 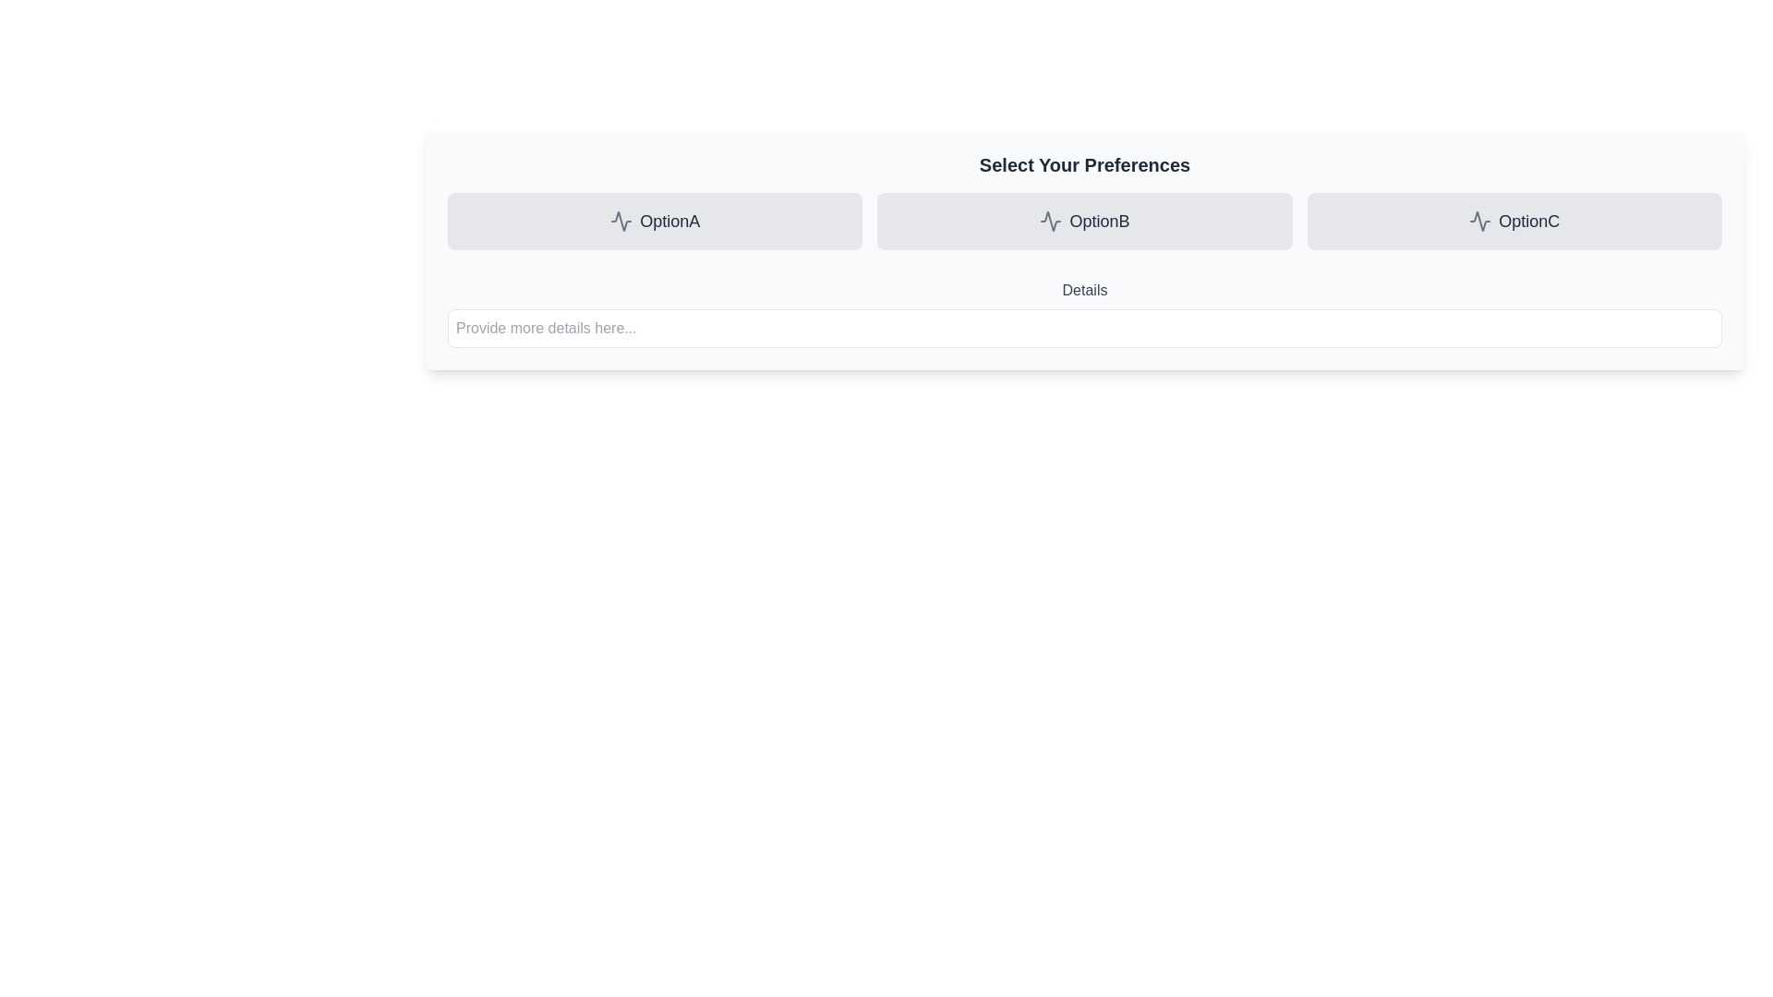 I want to click on text label for 'OptionA', which serves as a clickable identifier in the horizontal layout of options, so click(x=669, y=220).